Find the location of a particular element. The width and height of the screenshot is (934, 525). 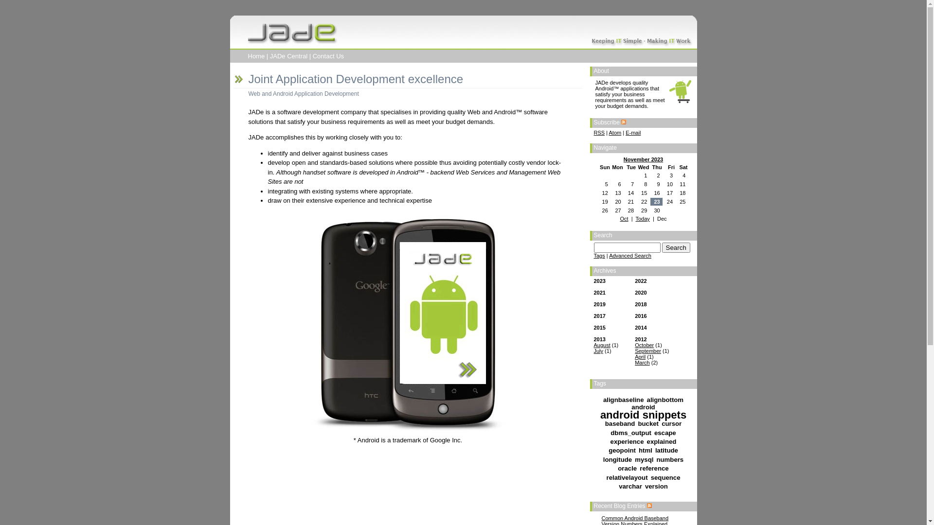

'sequence' is located at coordinates (665, 477).